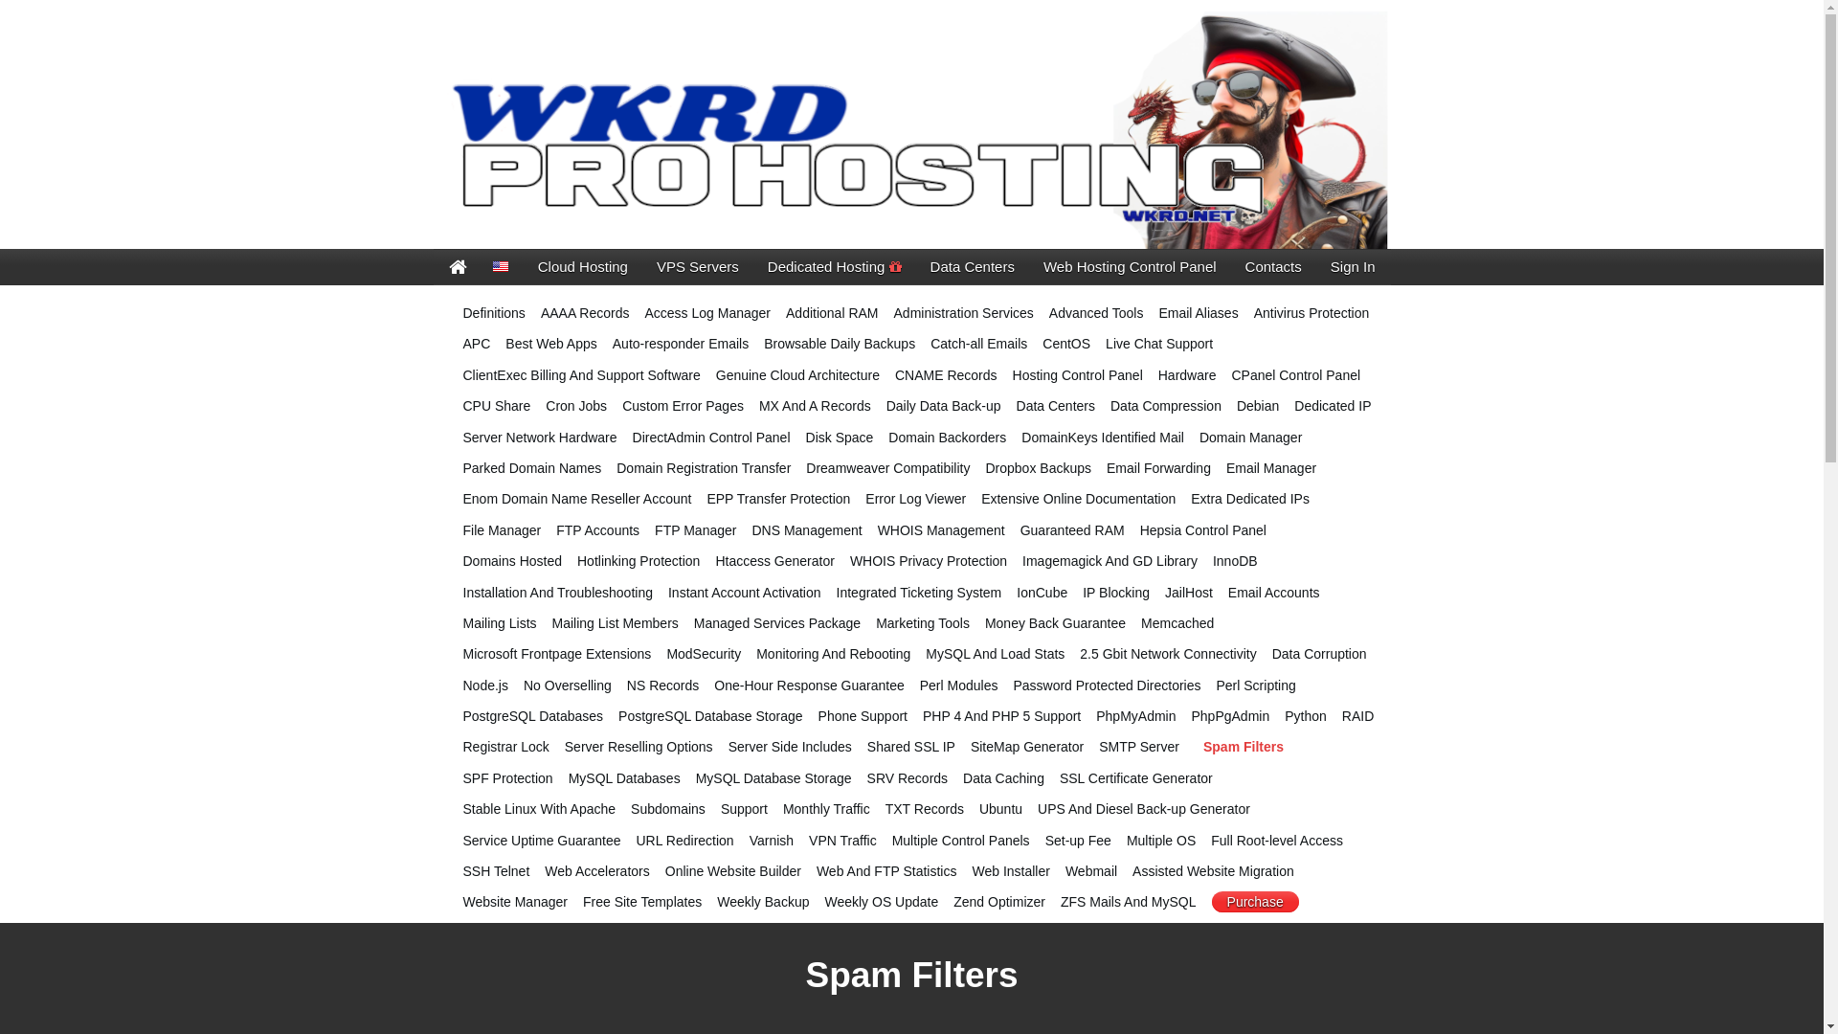  What do you see at coordinates (1273, 266) in the screenshot?
I see `'Contacts'` at bounding box center [1273, 266].